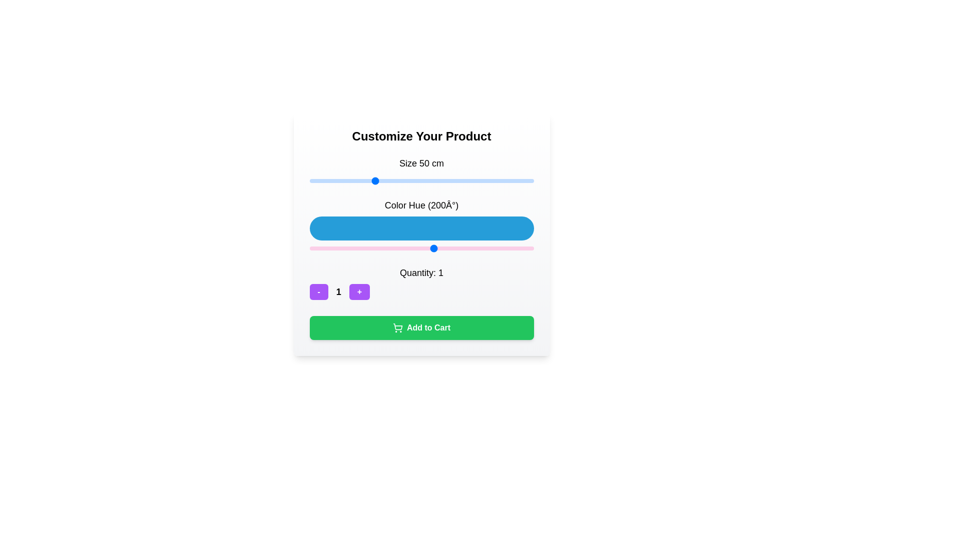 This screenshot has height=540, width=961. I want to click on the color hue, so click(505, 248).